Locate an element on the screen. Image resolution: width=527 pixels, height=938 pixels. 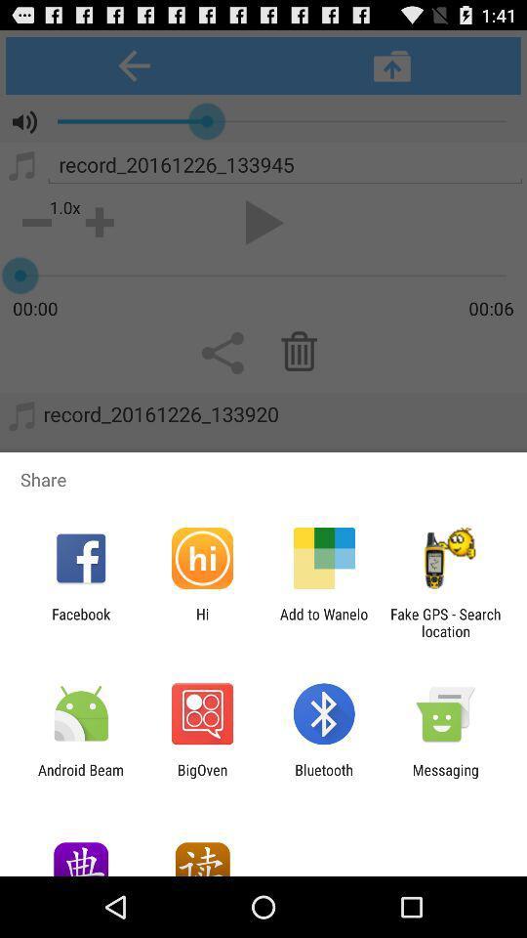
the facebook item is located at coordinates (80, 621).